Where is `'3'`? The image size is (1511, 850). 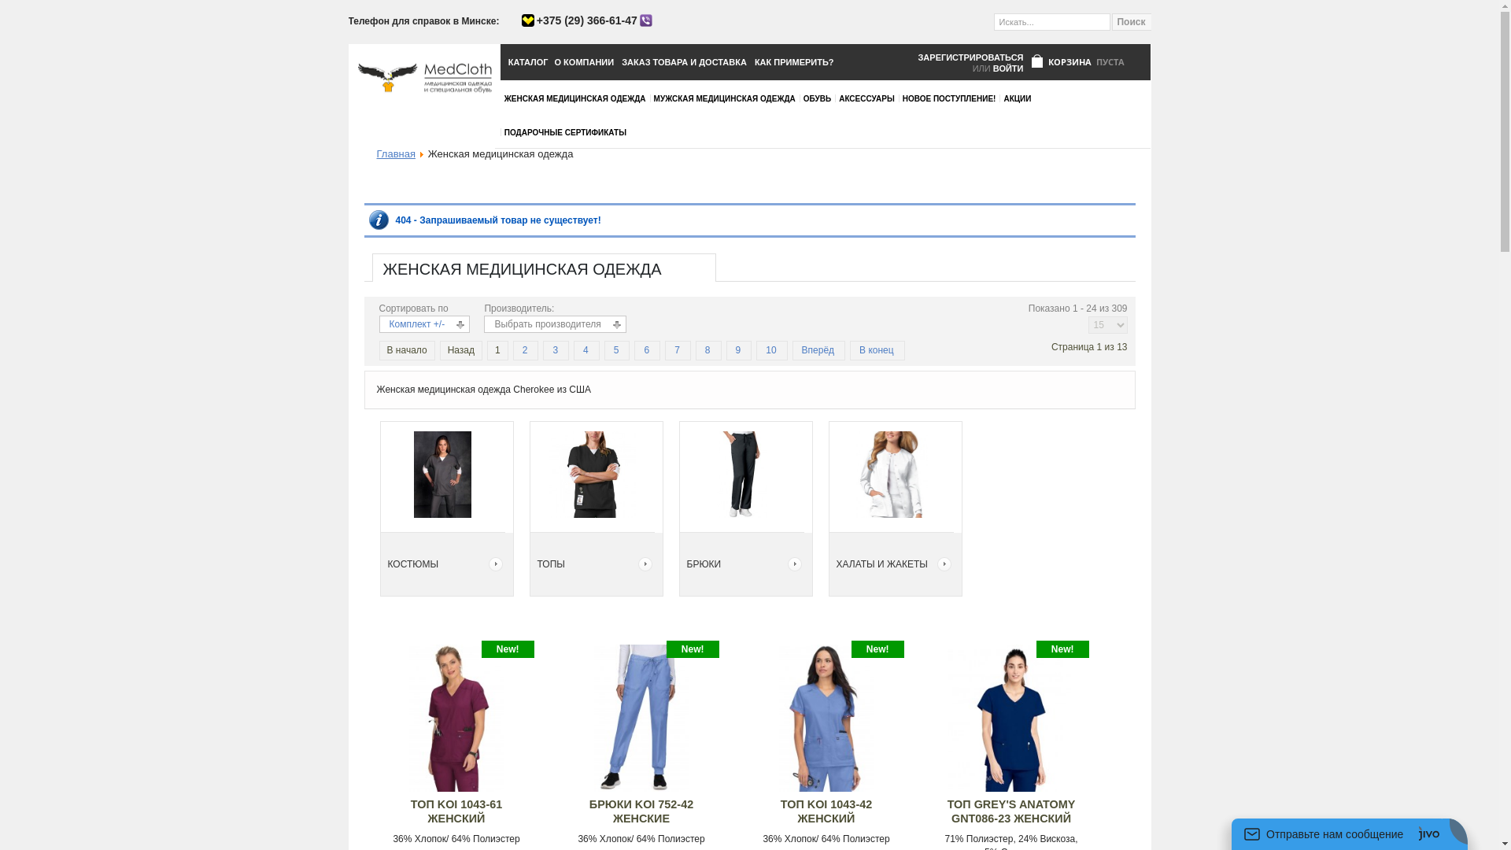
'3' is located at coordinates (555, 349).